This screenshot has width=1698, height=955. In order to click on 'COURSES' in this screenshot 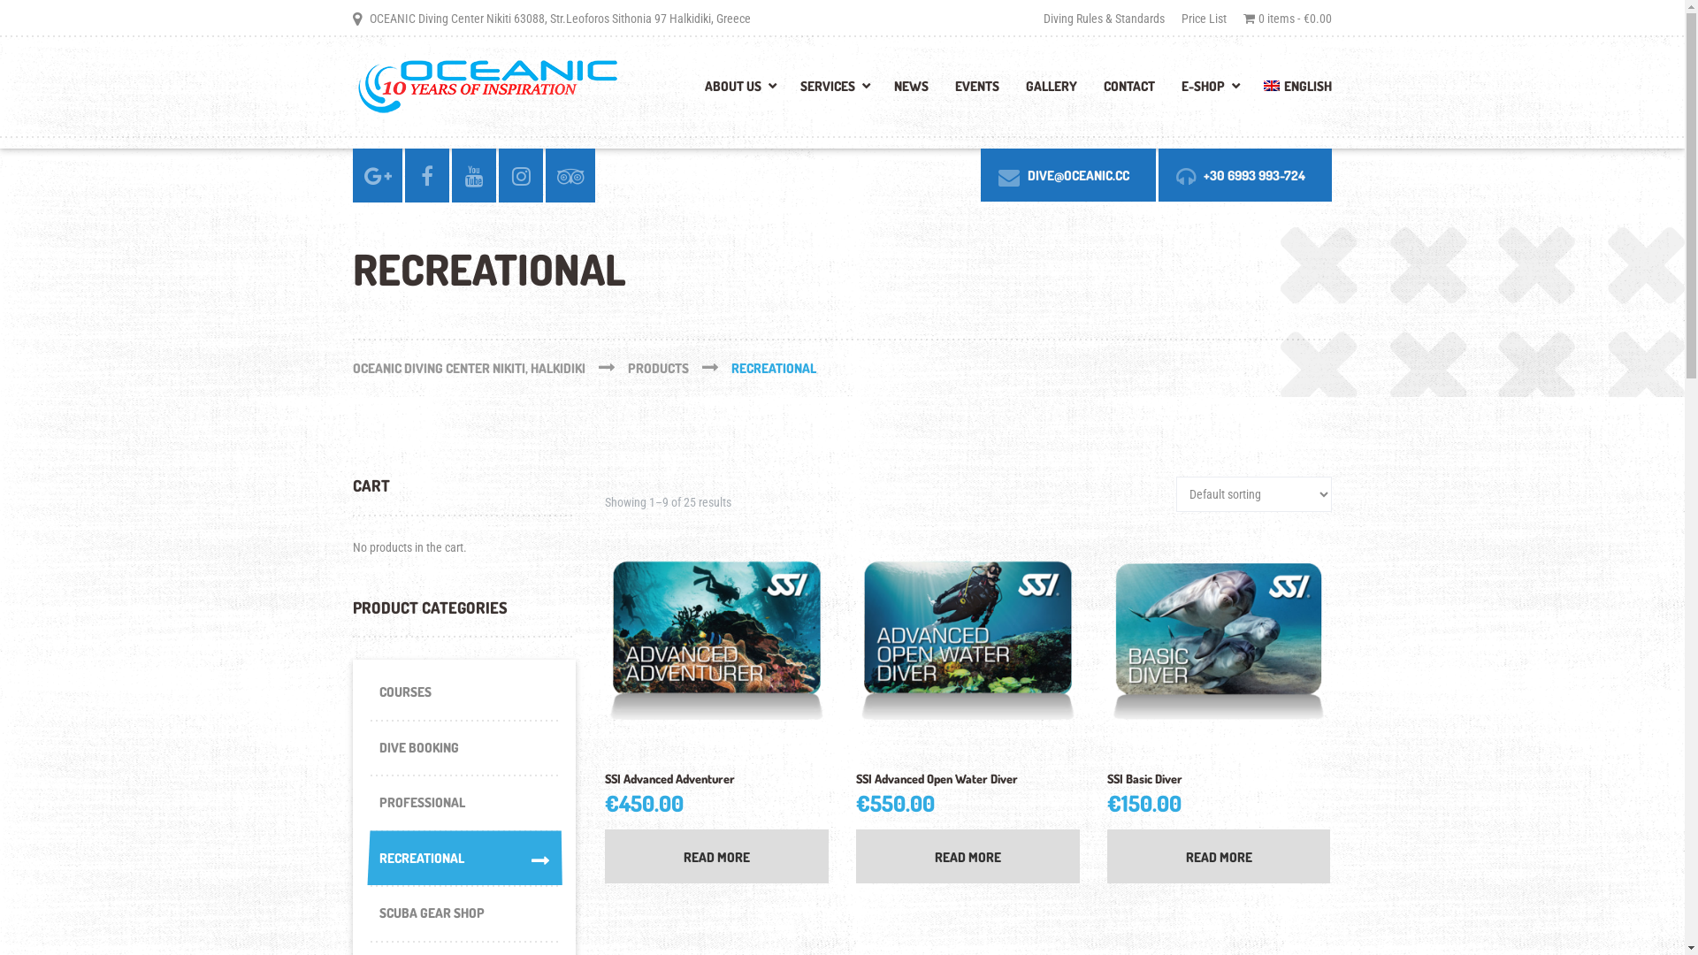, I will do `click(463, 691)`.